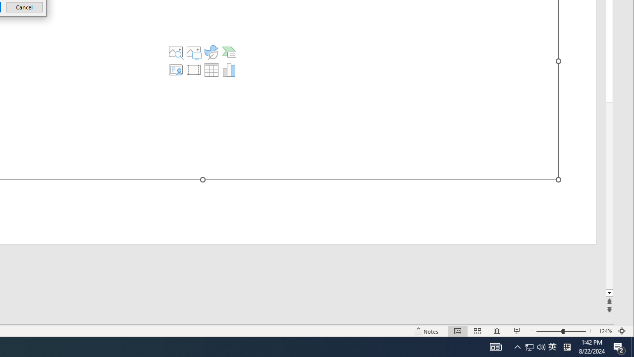 The width and height of the screenshot is (634, 357). Describe the element at coordinates (211, 52) in the screenshot. I see `'Insert an Icon'` at that location.